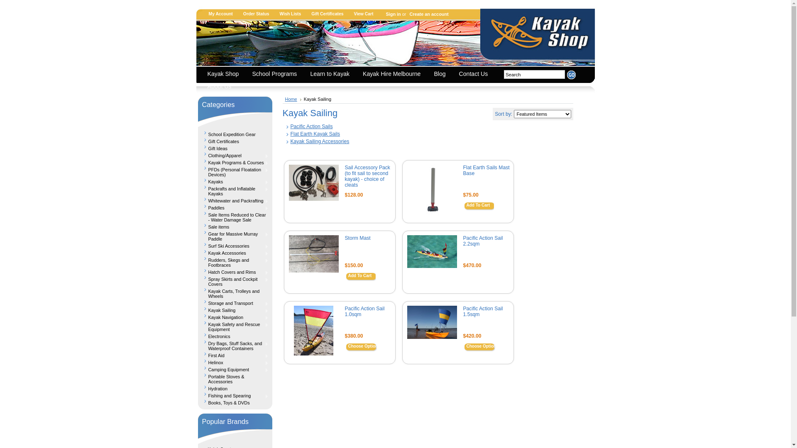 The image size is (797, 448). Describe the element at coordinates (277, 14) in the screenshot. I see `'Wish Lists'` at that location.